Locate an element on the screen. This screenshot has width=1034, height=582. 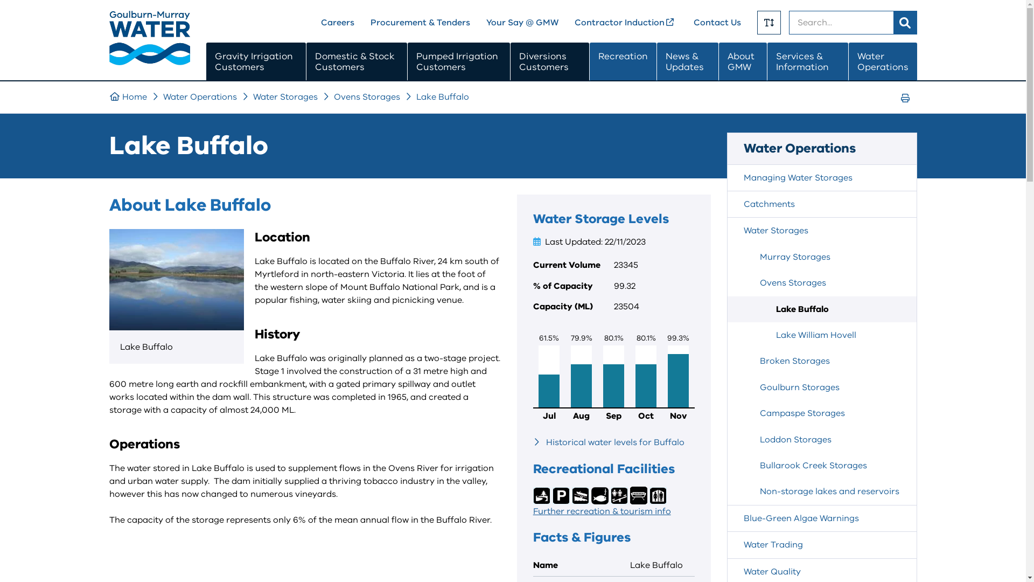
'About GMW' is located at coordinates (742, 62).